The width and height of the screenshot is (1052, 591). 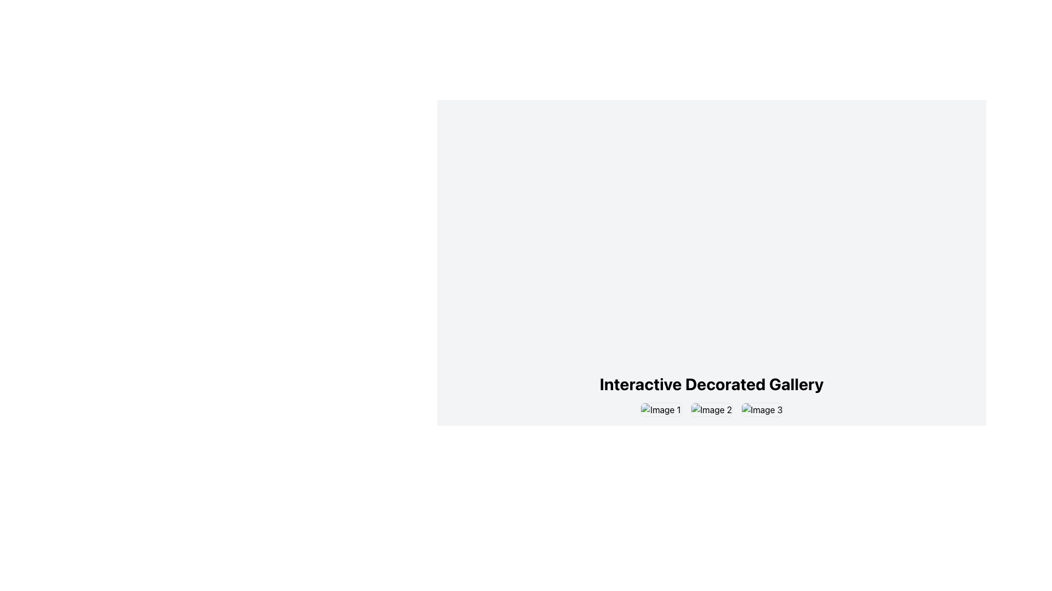 What do you see at coordinates (762, 409) in the screenshot?
I see `the camera icon outlined in white, located in the 'Image 3' section of the gallery` at bounding box center [762, 409].